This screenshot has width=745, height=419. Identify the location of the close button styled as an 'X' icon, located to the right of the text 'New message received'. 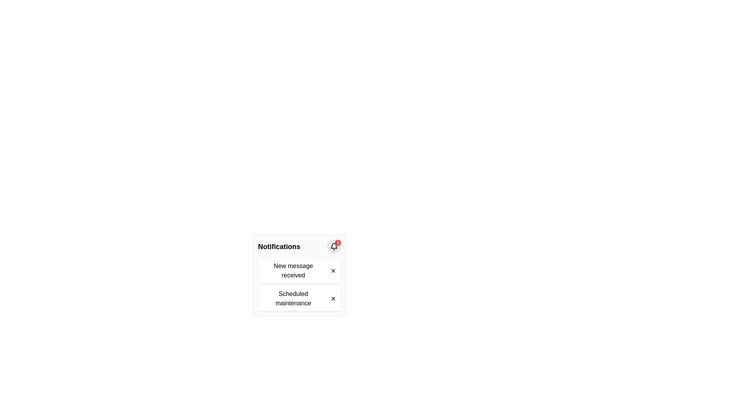
(333, 270).